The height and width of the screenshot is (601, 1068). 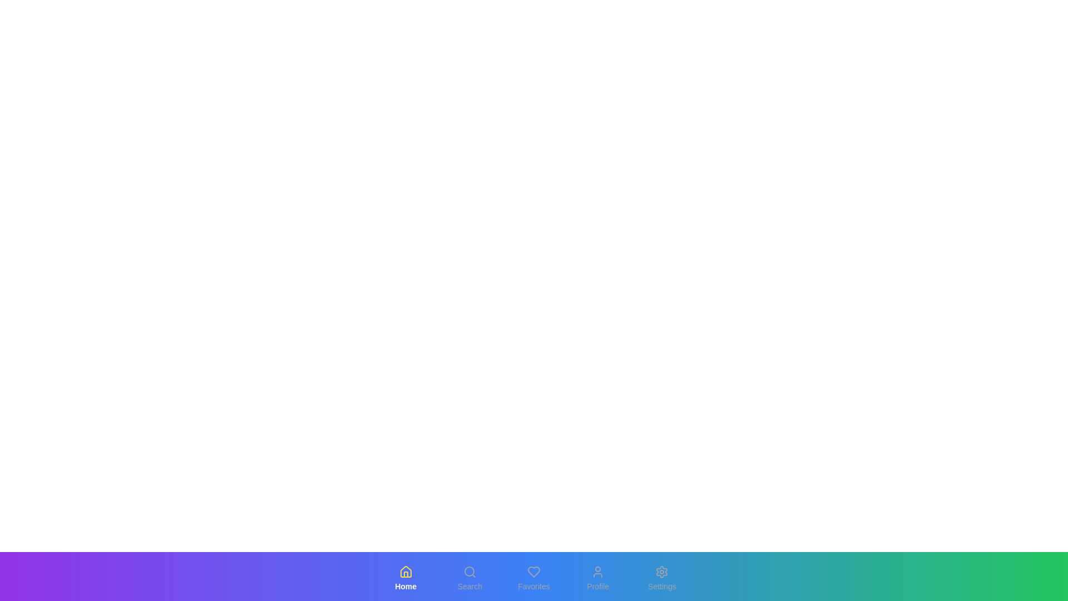 I want to click on the tab corresponding to Search, so click(x=469, y=578).